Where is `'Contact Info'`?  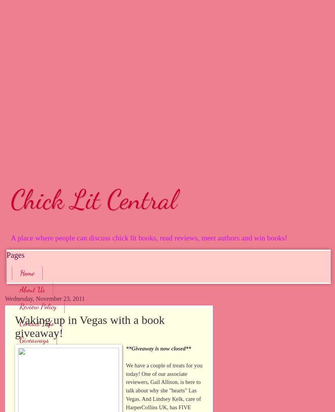
'Contact Info' is located at coordinates (19, 322).